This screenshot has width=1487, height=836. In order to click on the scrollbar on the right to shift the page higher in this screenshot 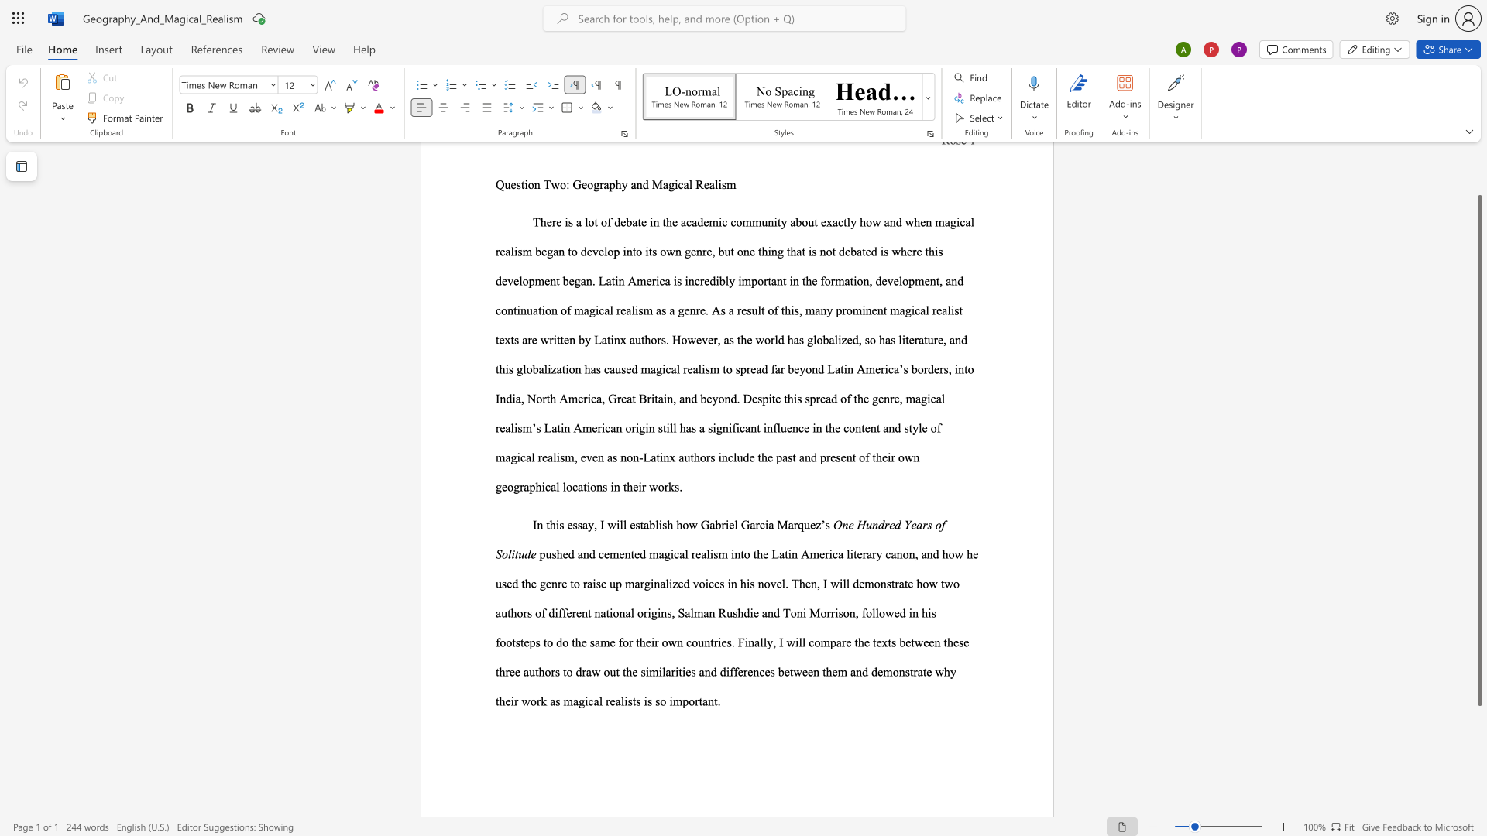, I will do `click(1478, 177)`.